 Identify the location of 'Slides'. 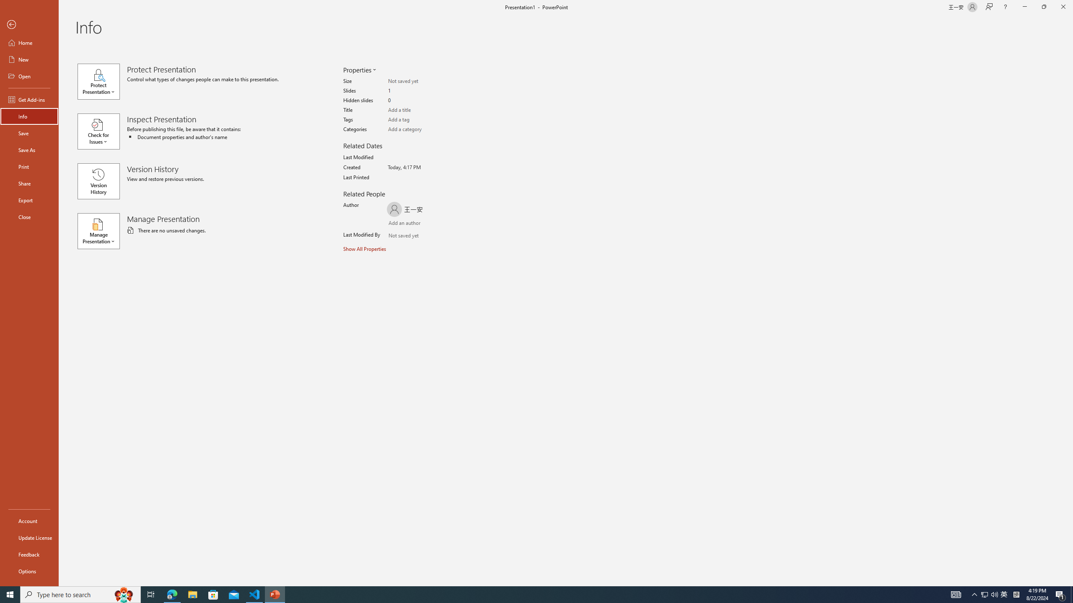
(420, 91).